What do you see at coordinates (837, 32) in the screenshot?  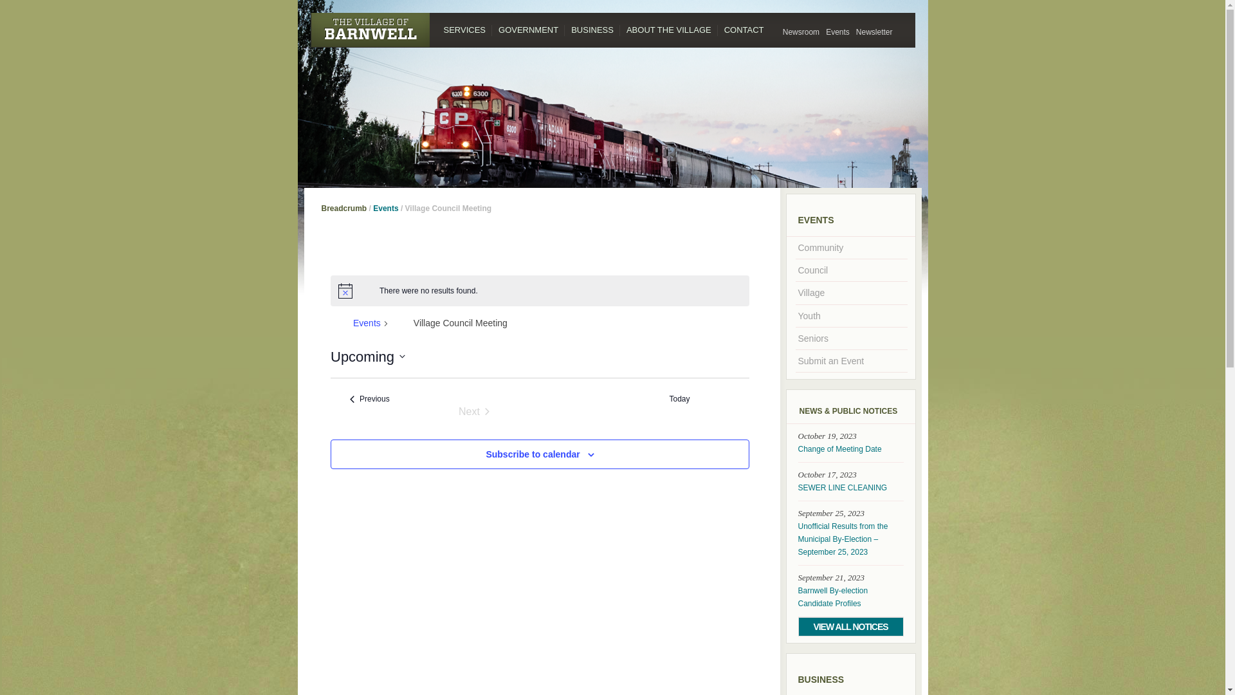 I see `'Events'` at bounding box center [837, 32].